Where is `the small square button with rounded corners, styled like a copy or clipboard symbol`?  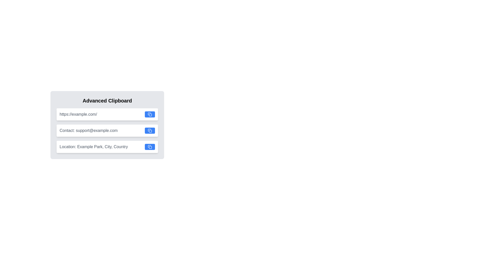
the small square button with rounded corners, styled like a copy or clipboard symbol is located at coordinates (149, 130).